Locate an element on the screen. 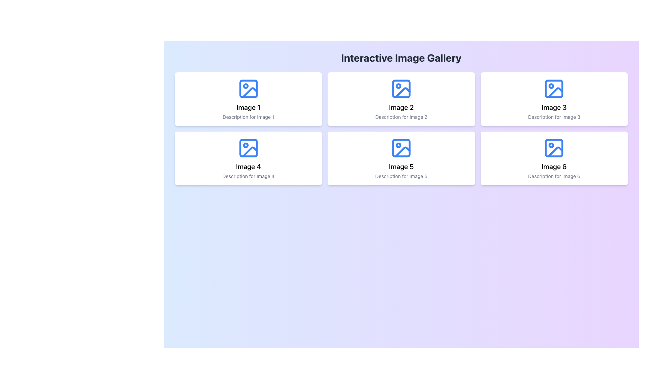  the label providing supplementary information about 'Image 1', located at the bottom of the associated card in the top-left corner of the 2x3 grid is located at coordinates (248, 116).